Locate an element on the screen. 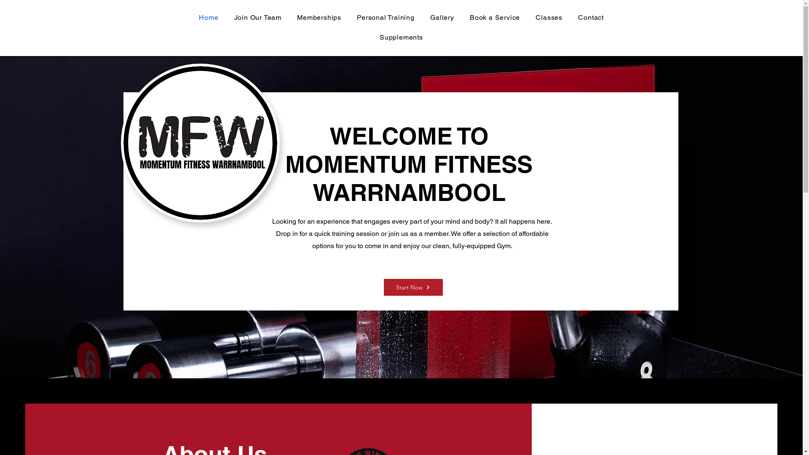  'Home' is located at coordinates (209, 17).